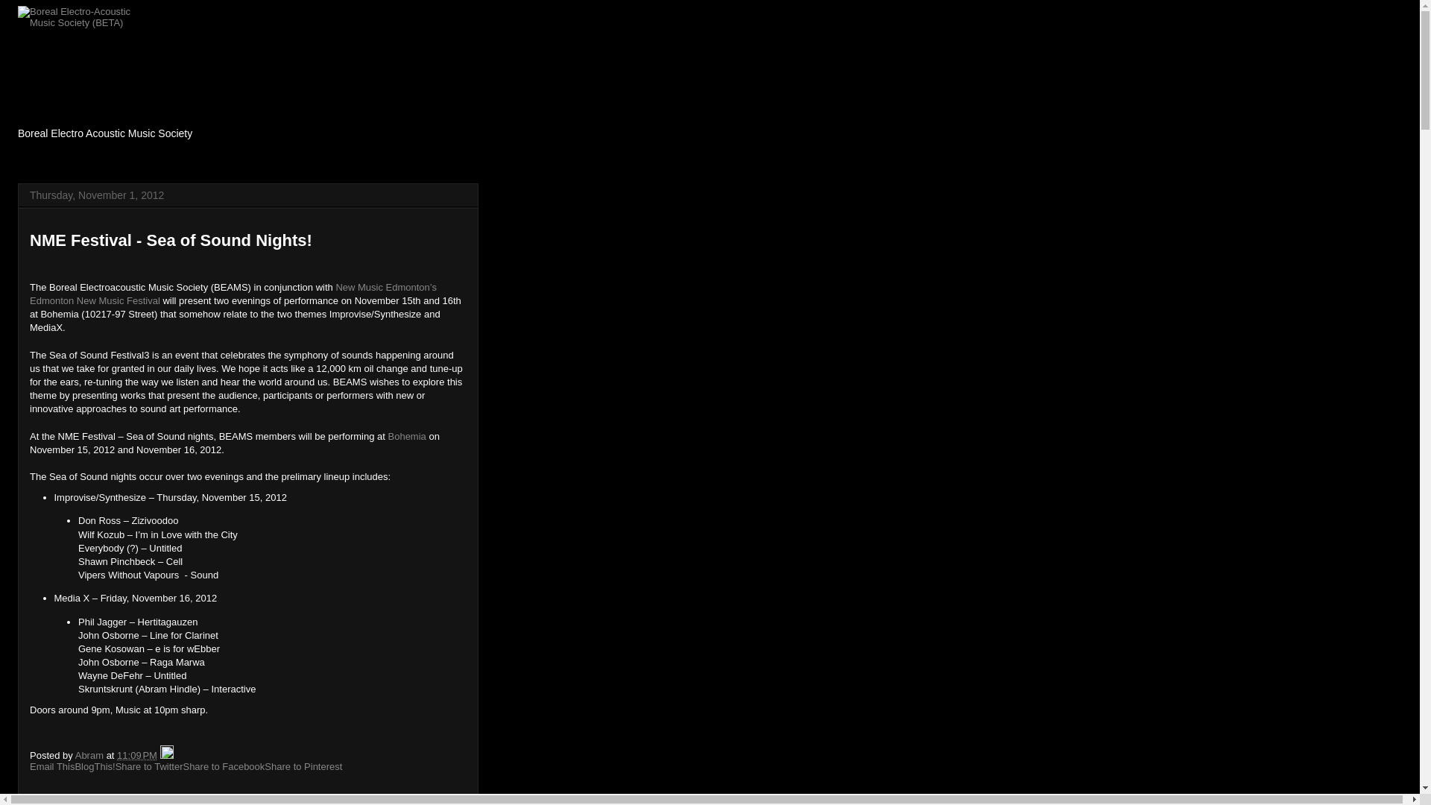  What do you see at coordinates (406, 436) in the screenshot?
I see `'Bohemia'` at bounding box center [406, 436].